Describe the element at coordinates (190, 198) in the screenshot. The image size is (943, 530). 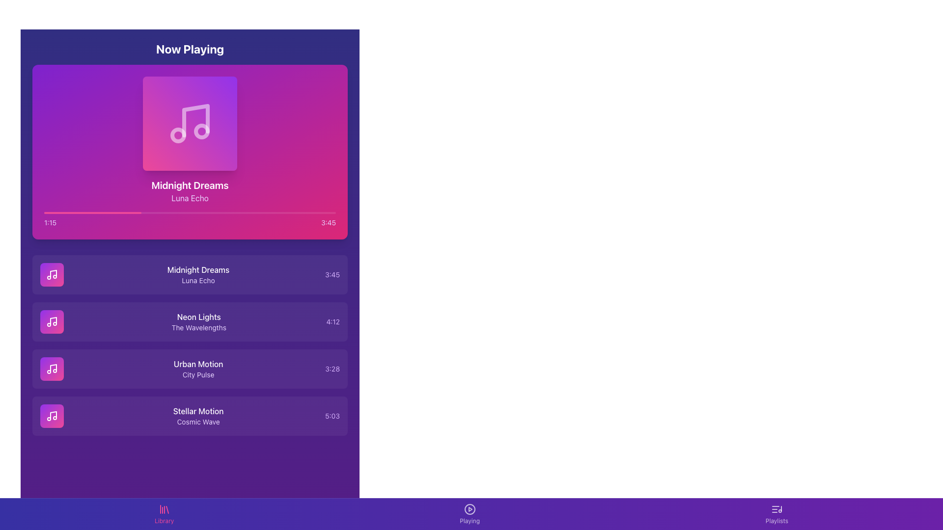
I see `the text label that serves as a subtitle or complementary information indicating the artist or additional metadata about the currently displayed song, positioned directly beneath the 'Midnight Dreams' text` at that location.